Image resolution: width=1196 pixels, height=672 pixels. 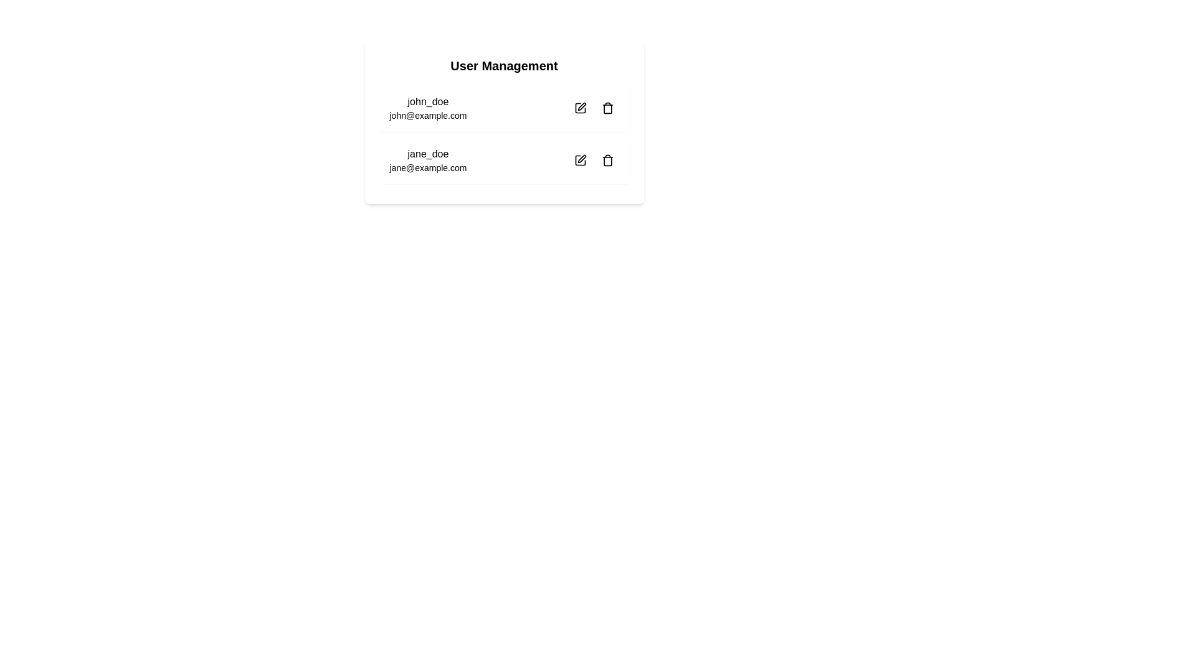 What do you see at coordinates (607, 108) in the screenshot?
I see `the central part of the trash bin icon, which signifies the delete functionality and is positioned on the right side of the first user entry` at bounding box center [607, 108].